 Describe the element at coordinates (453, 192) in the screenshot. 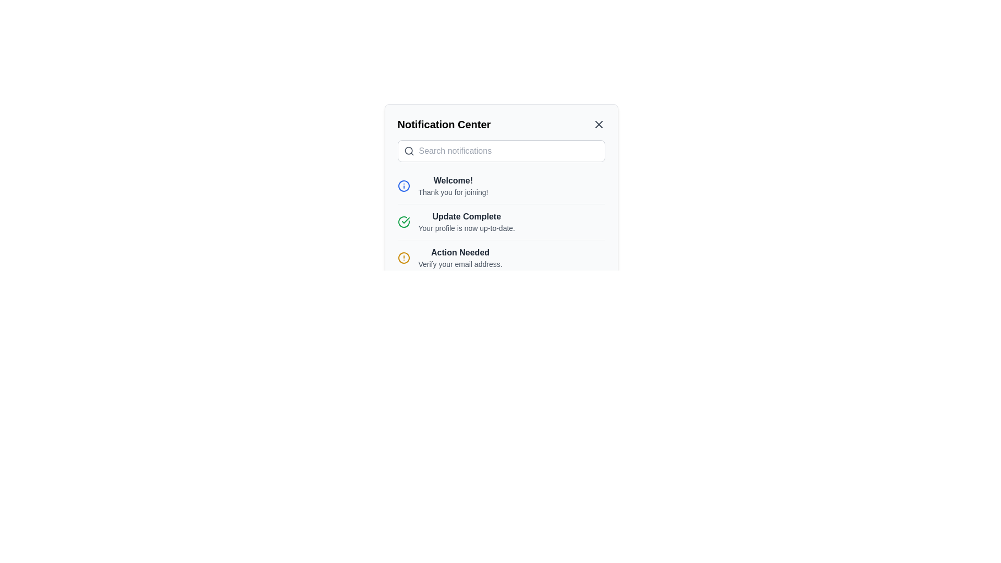

I see `static text label that says 'Thank you for joining!', which is styled in a smaller gray font and positioned below the 'Welcome!' text in the notification panel` at that location.